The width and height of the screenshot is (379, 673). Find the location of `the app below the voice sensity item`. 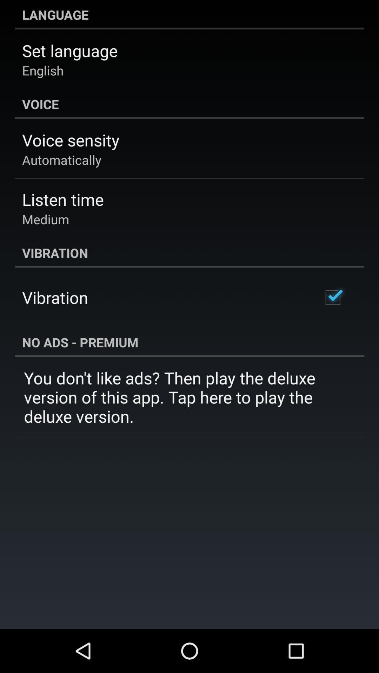

the app below the voice sensity item is located at coordinates (61, 159).